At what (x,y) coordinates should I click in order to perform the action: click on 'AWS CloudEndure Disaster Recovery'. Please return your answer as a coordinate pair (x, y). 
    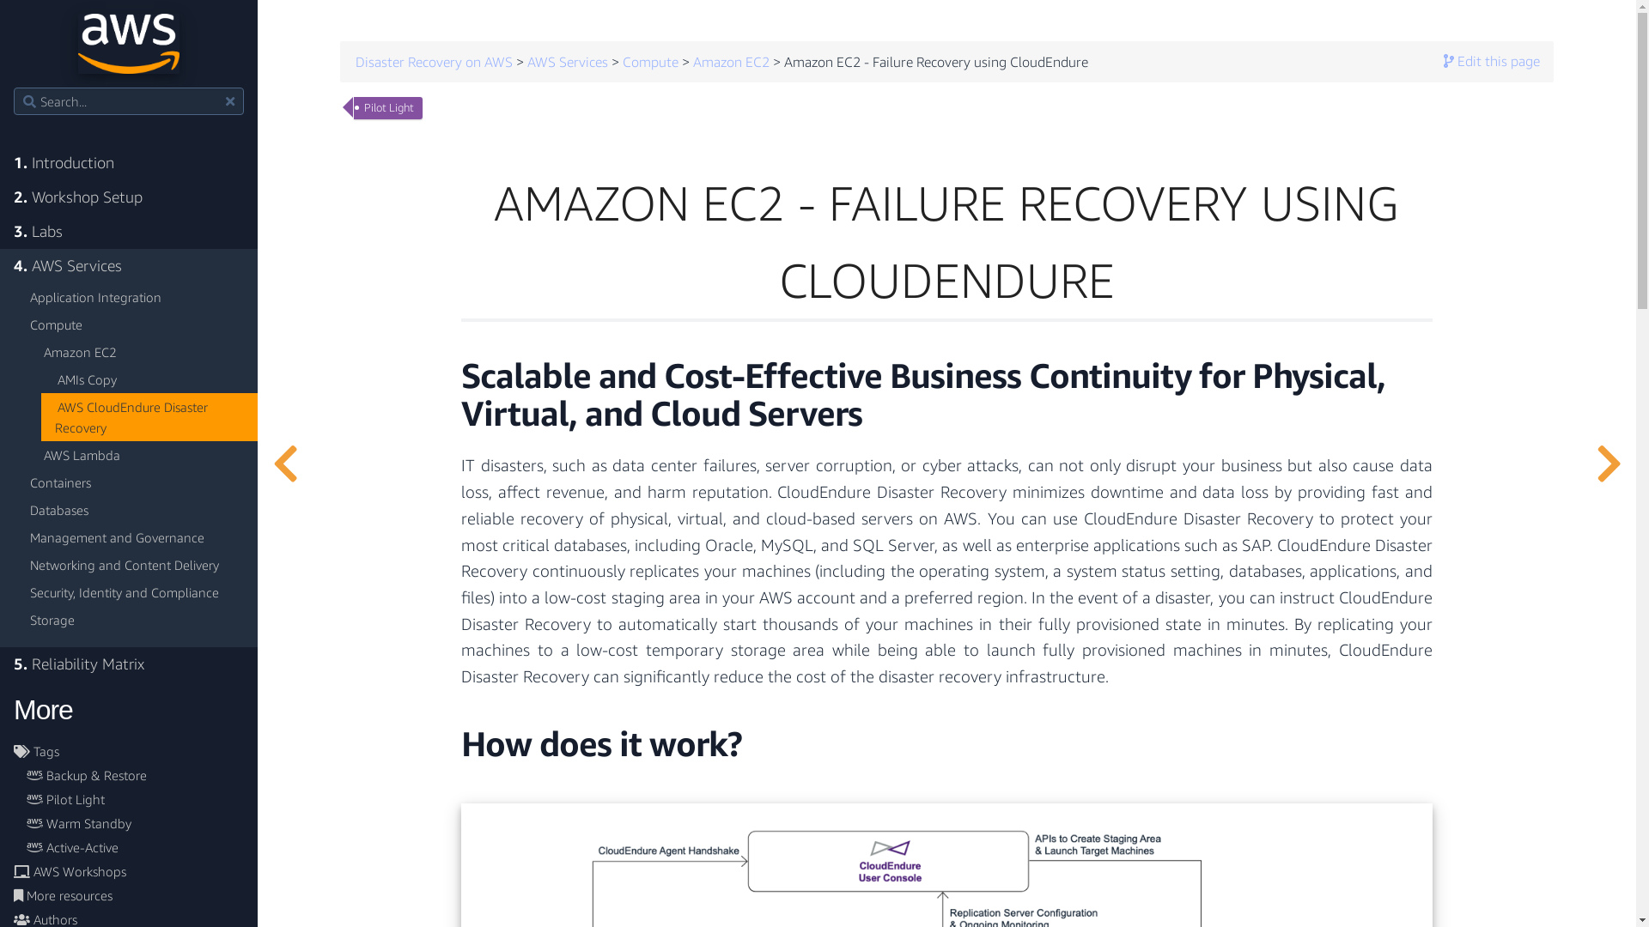
    Looking at the image, I should click on (149, 417).